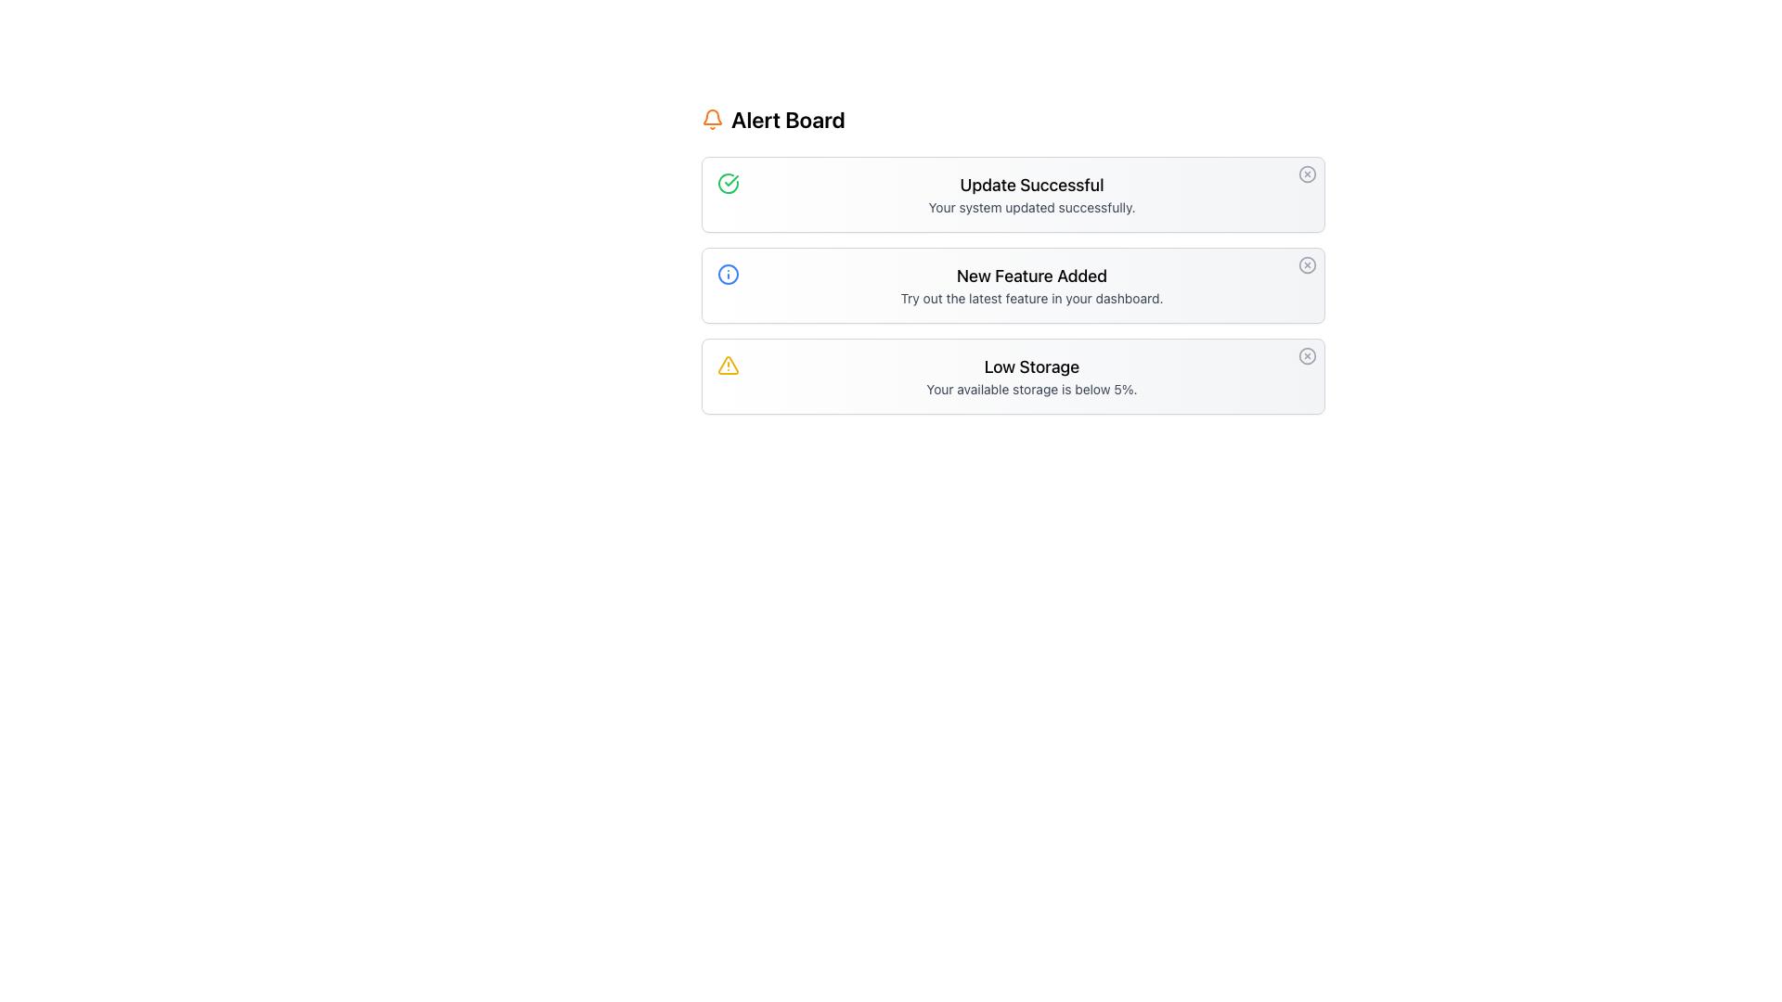 Image resolution: width=1782 pixels, height=1002 pixels. I want to click on notification text labeled 'Update Successful', which is a bold and prominently styled text element located in the top section of the notification area, so click(1031, 186).